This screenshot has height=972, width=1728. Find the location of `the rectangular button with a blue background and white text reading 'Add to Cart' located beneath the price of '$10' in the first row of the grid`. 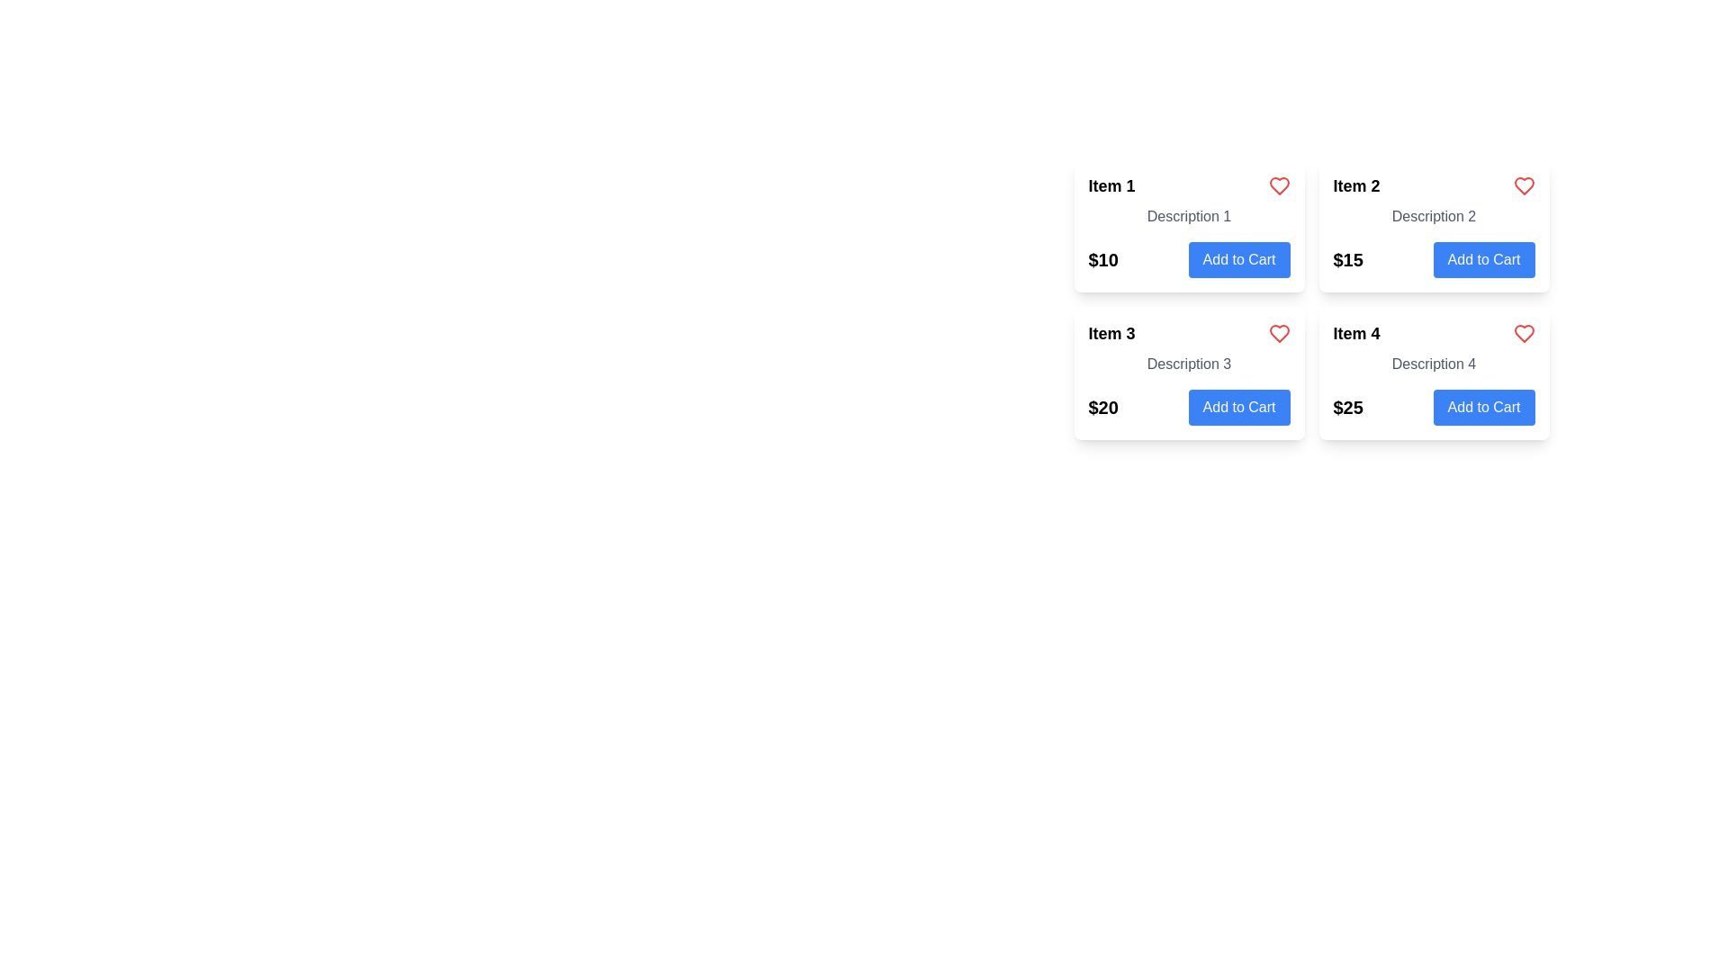

the rectangular button with a blue background and white text reading 'Add to Cart' located beneath the price of '$10' in the first row of the grid is located at coordinates (1238, 260).